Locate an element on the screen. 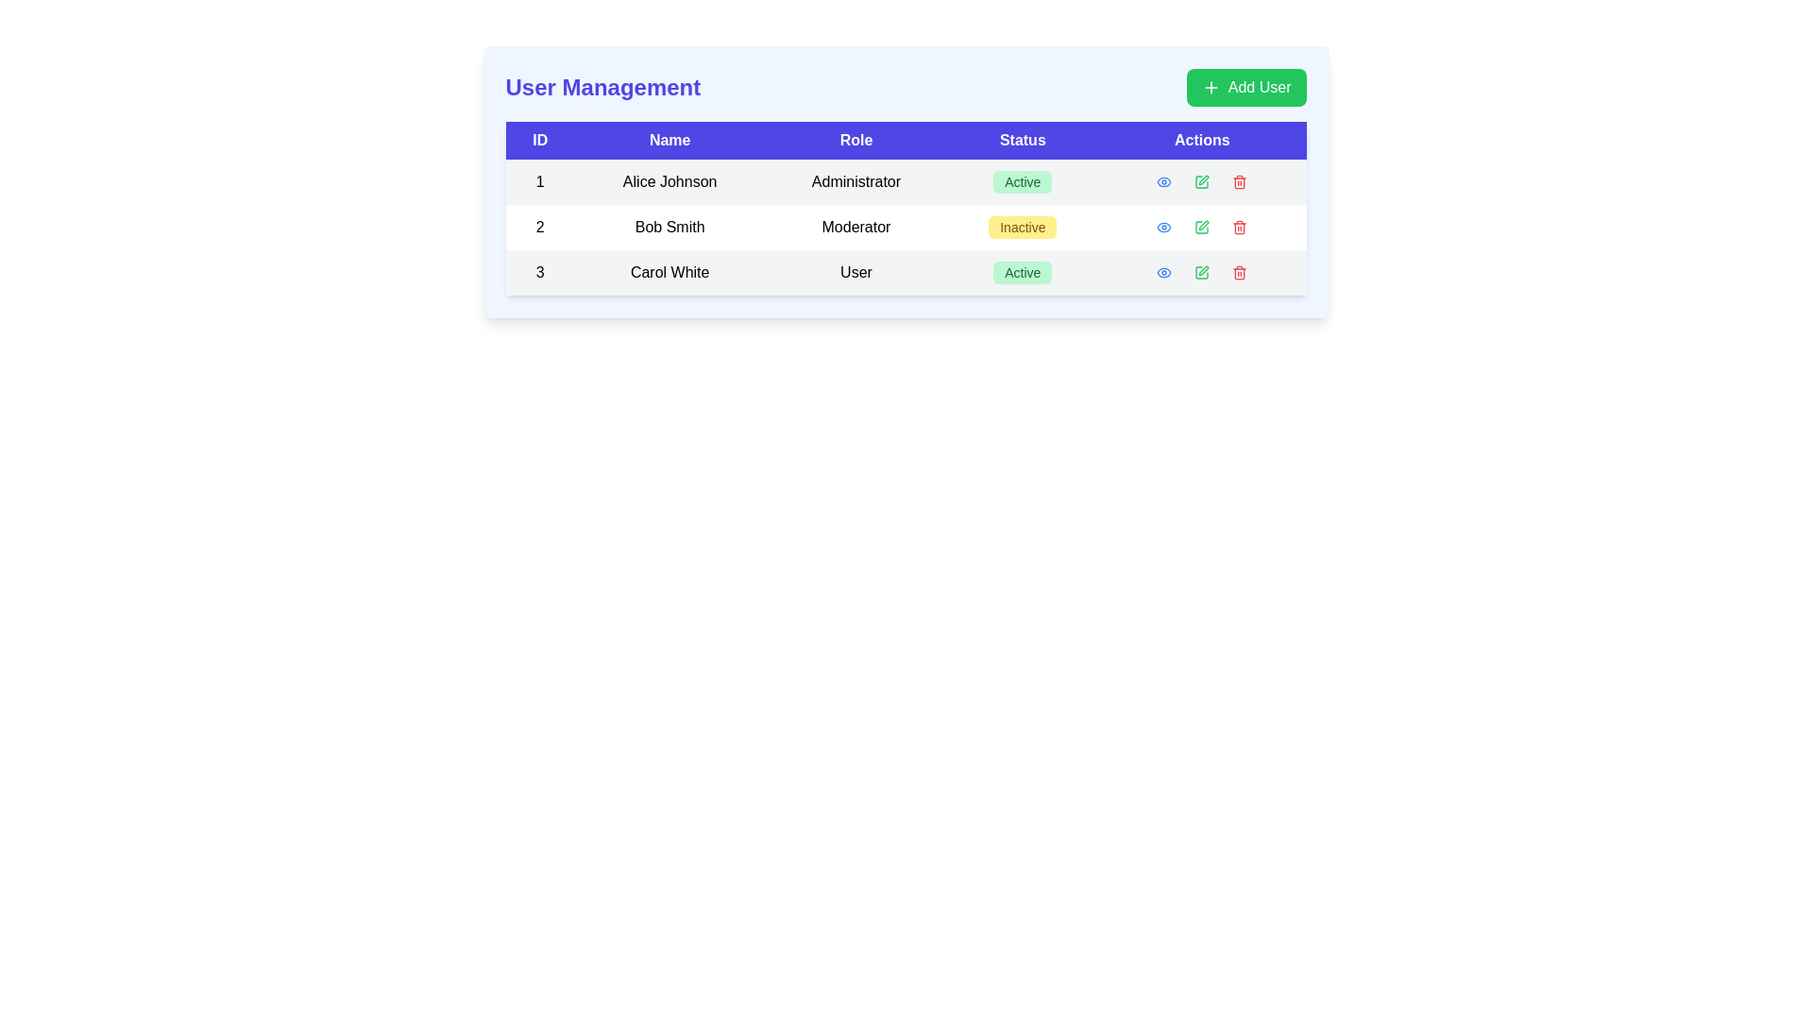 The width and height of the screenshot is (1813, 1020). the first row of the User Management table is located at coordinates (905, 181).